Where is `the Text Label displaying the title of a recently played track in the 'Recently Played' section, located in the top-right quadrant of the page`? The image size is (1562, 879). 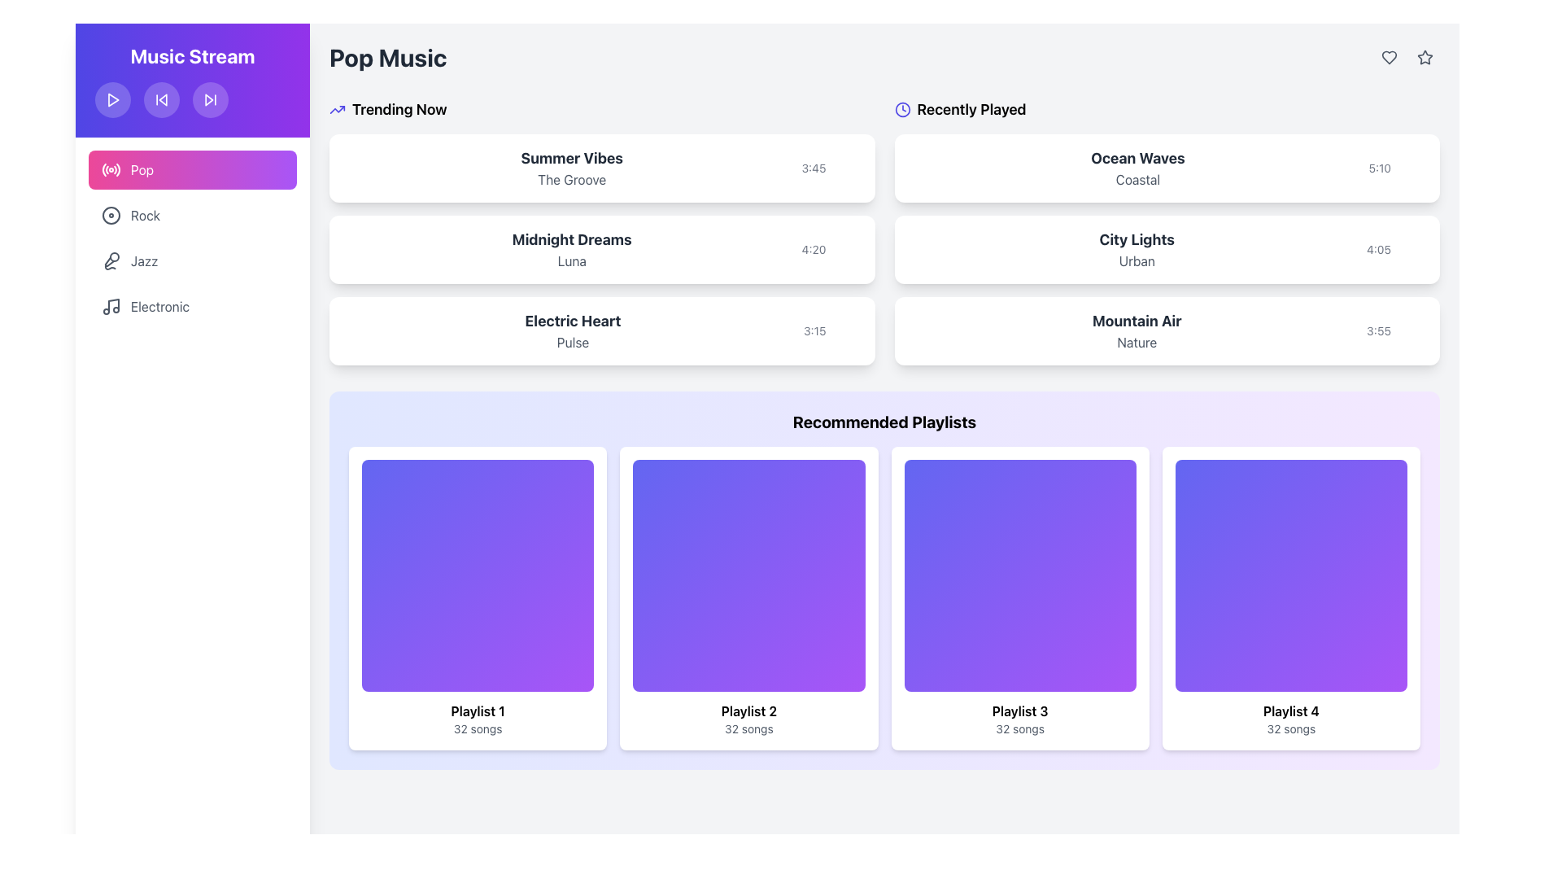 the Text Label displaying the title of a recently played track in the 'Recently Played' section, located in the top-right quadrant of the page is located at coordinates (1137, 159).